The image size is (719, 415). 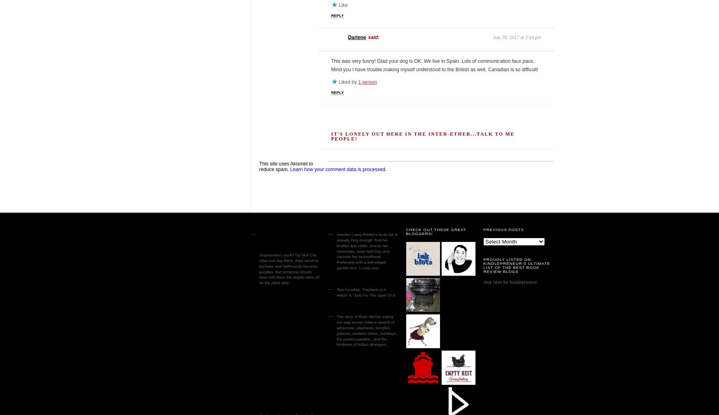 I want to click on '.', so click(x=386, y=169).